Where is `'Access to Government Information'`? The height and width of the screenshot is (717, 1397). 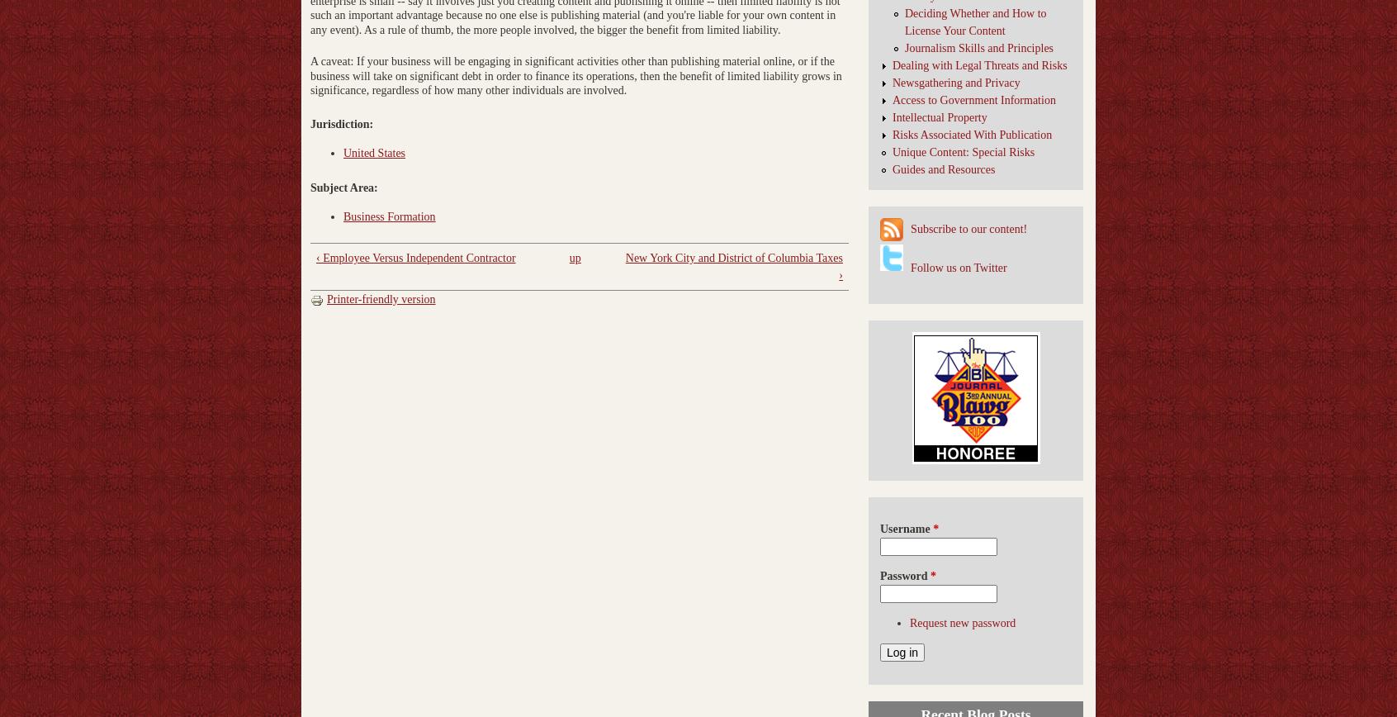
'Access to Government Information' is located at coordinates (973, 99).